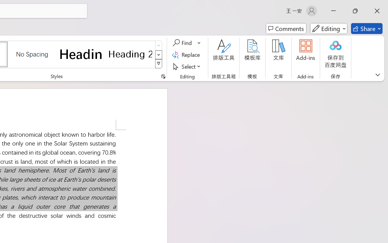 The width and height of the screenshot is (388, 243). Describe the element at coordinates (81, 54) in the screenshot. I see `'Heading 1'` at that location.